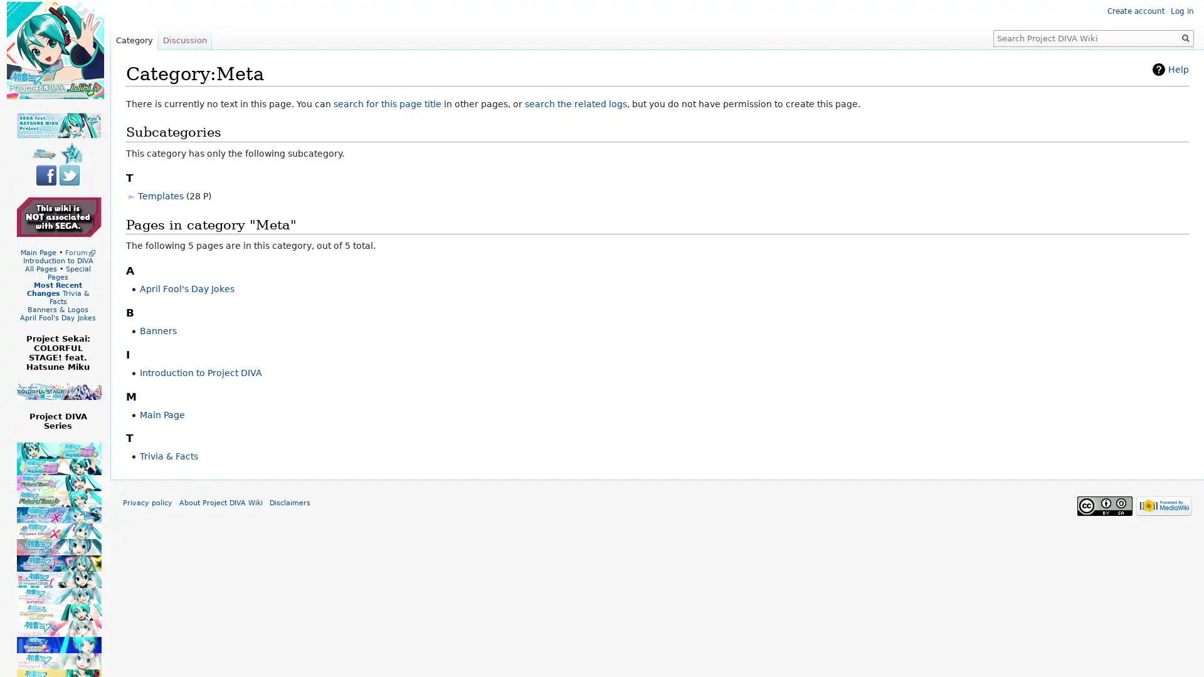 The image size is (1204, 677). What do you see at coordinates (1185, 38) in the screenshot?
I see `Go` at bounding box center [1185, 38].